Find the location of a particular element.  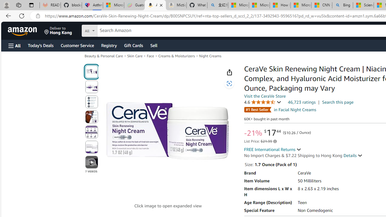

'Registry' is located at coordinates (109, 45).